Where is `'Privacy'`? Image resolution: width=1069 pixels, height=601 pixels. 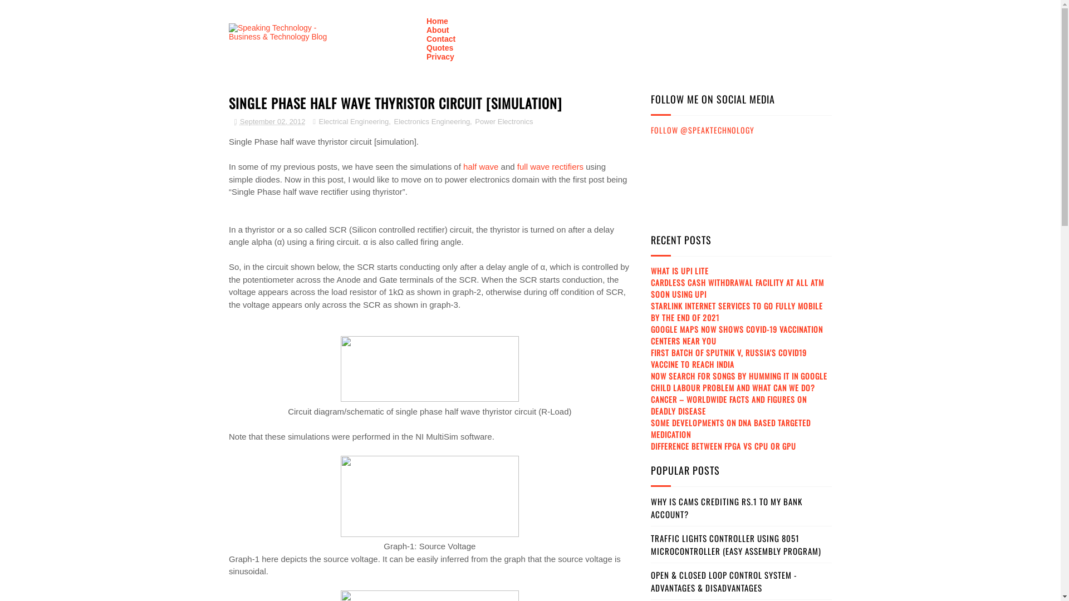 'Privacy' is located at coordinates (440, 56).